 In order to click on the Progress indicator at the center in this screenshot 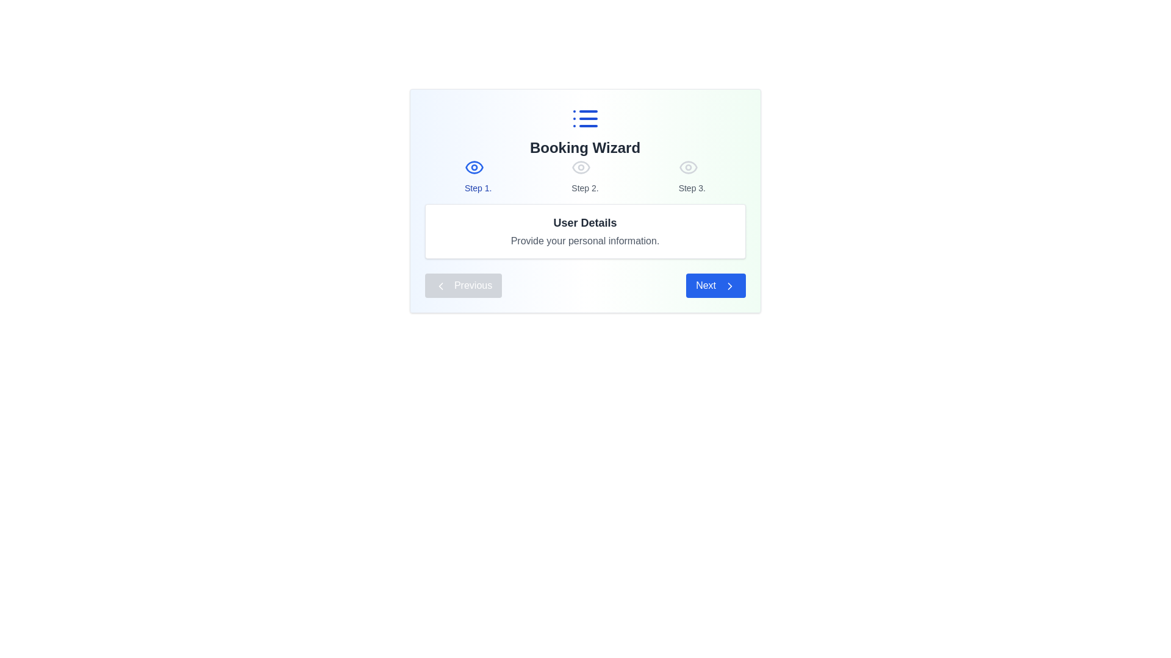, I will do `click(584, 176)`.